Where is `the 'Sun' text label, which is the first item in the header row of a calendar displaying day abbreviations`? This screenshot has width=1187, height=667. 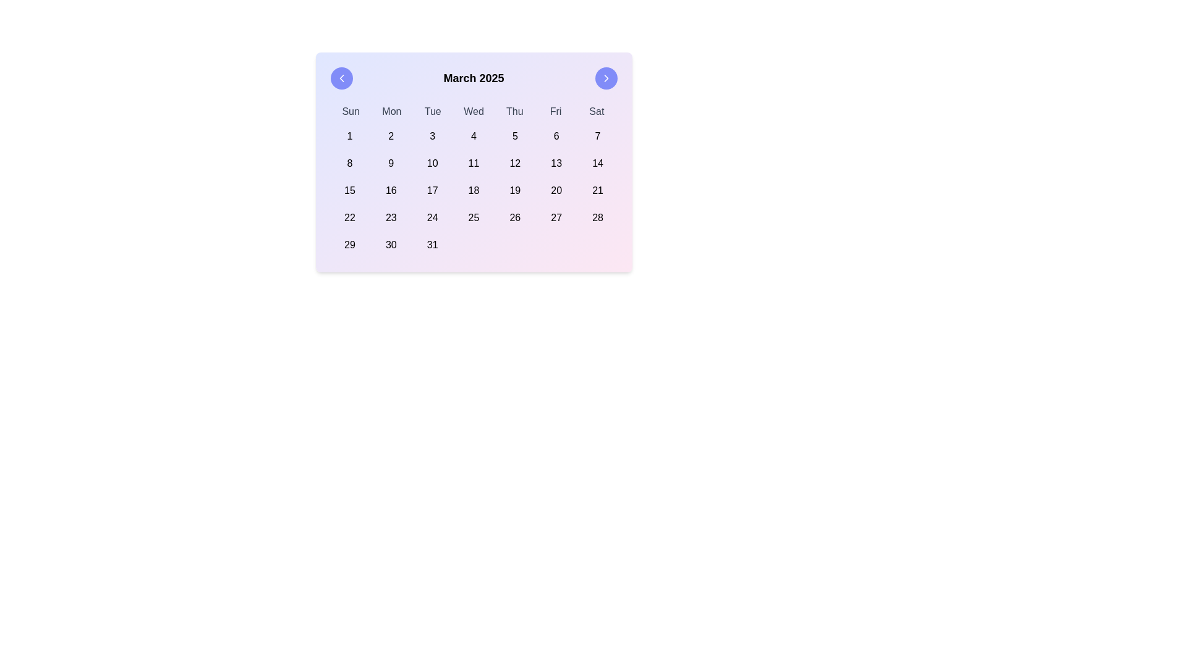 the 'Sun' text label, which is the first item in the header row of a calendar displaying day abbreviations is located at coordinates (350, 112).